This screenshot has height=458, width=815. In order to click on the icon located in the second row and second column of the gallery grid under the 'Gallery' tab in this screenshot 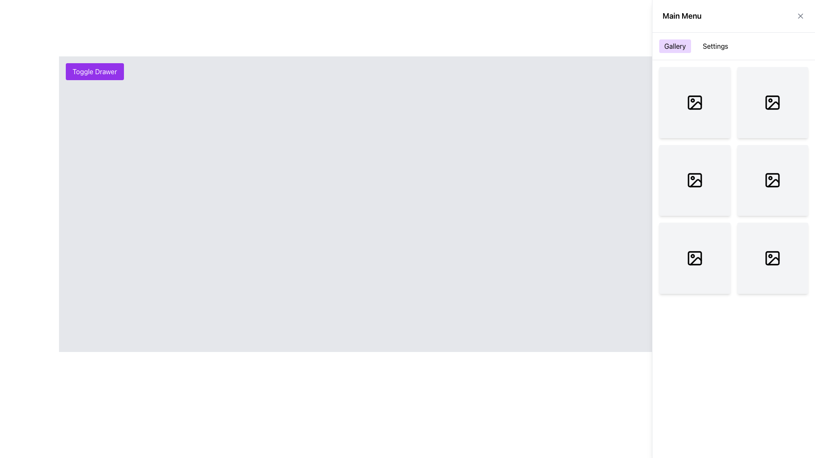, I will do `click(696, 183)`.